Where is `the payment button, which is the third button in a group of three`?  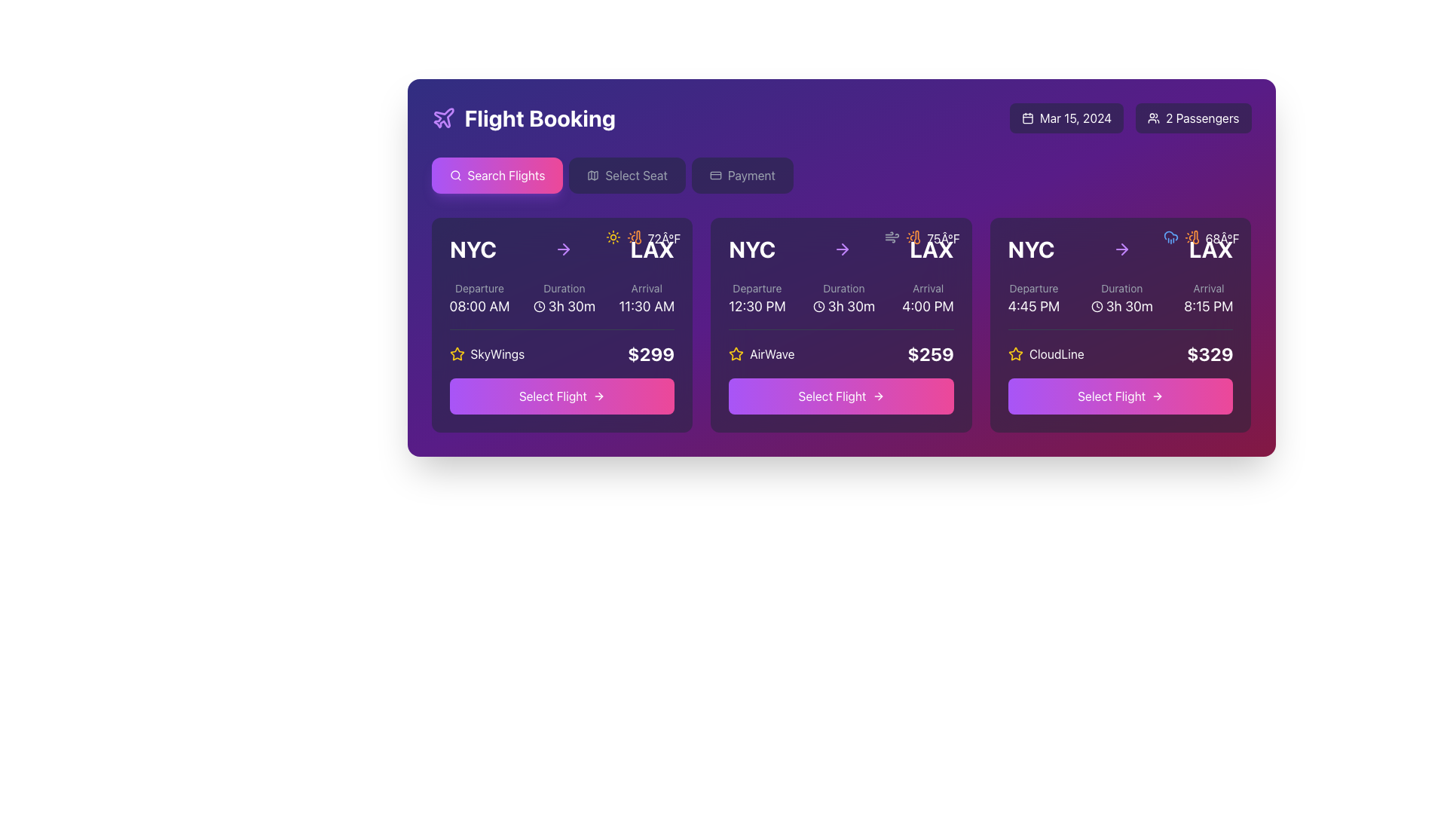 the payment button, which is the third button in a group of three is located at coordinates (742, 174).